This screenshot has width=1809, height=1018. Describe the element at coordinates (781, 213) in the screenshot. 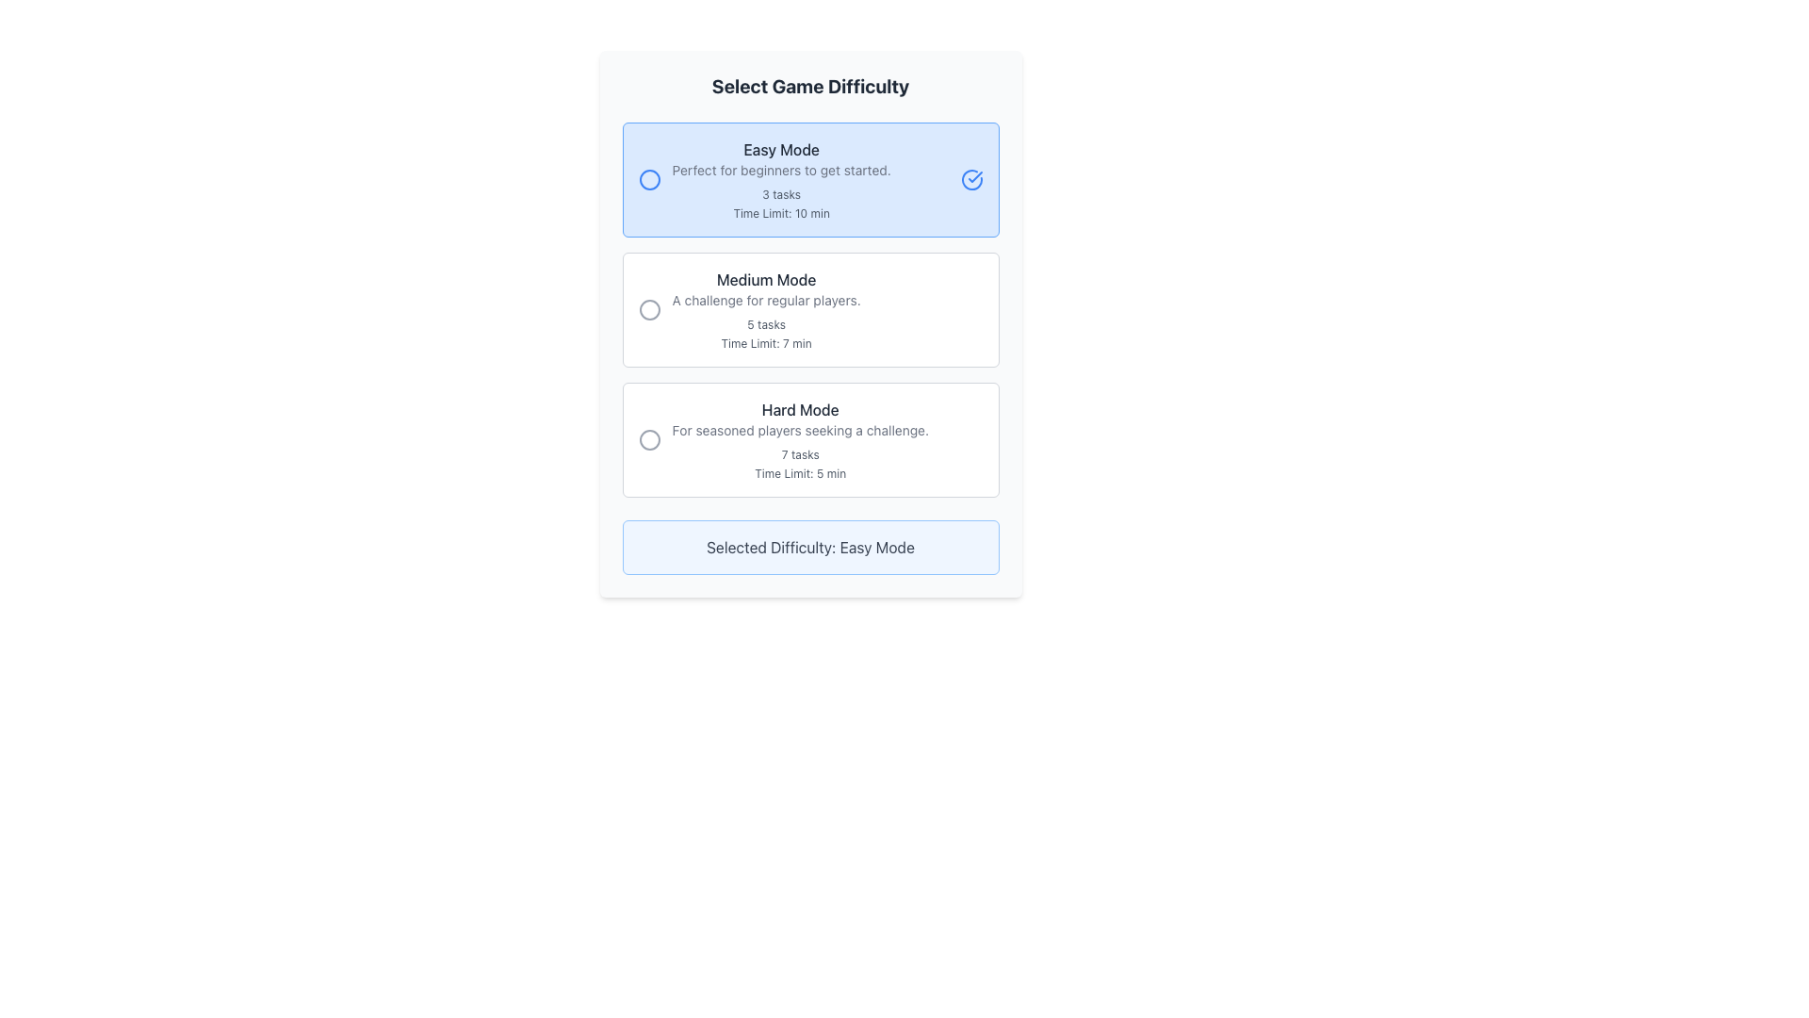

I see `the text label displaying 'Time Limit: 10 min', which is located beneath the '3 tasks' line in the Easy Mode option box` at that location.